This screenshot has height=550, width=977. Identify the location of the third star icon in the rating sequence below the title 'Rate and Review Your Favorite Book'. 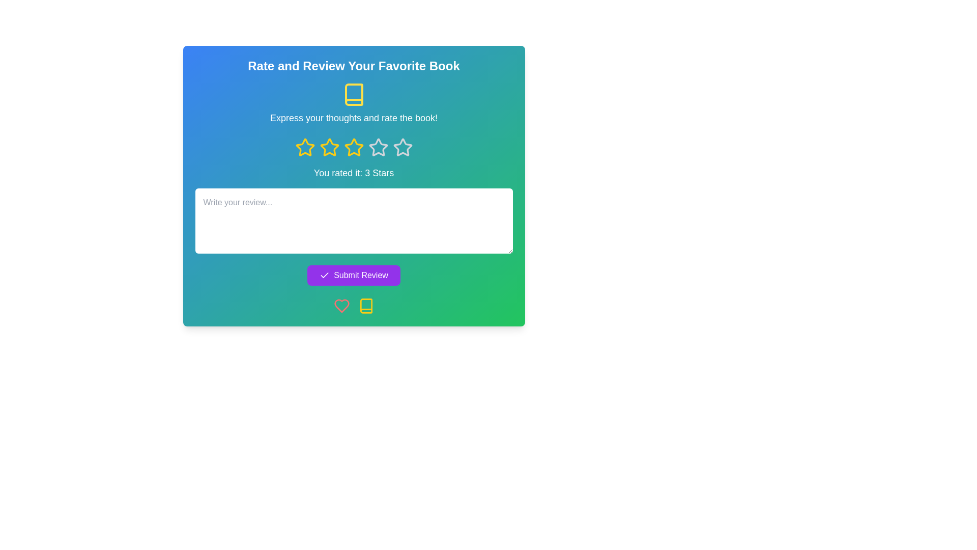
(378, 147).